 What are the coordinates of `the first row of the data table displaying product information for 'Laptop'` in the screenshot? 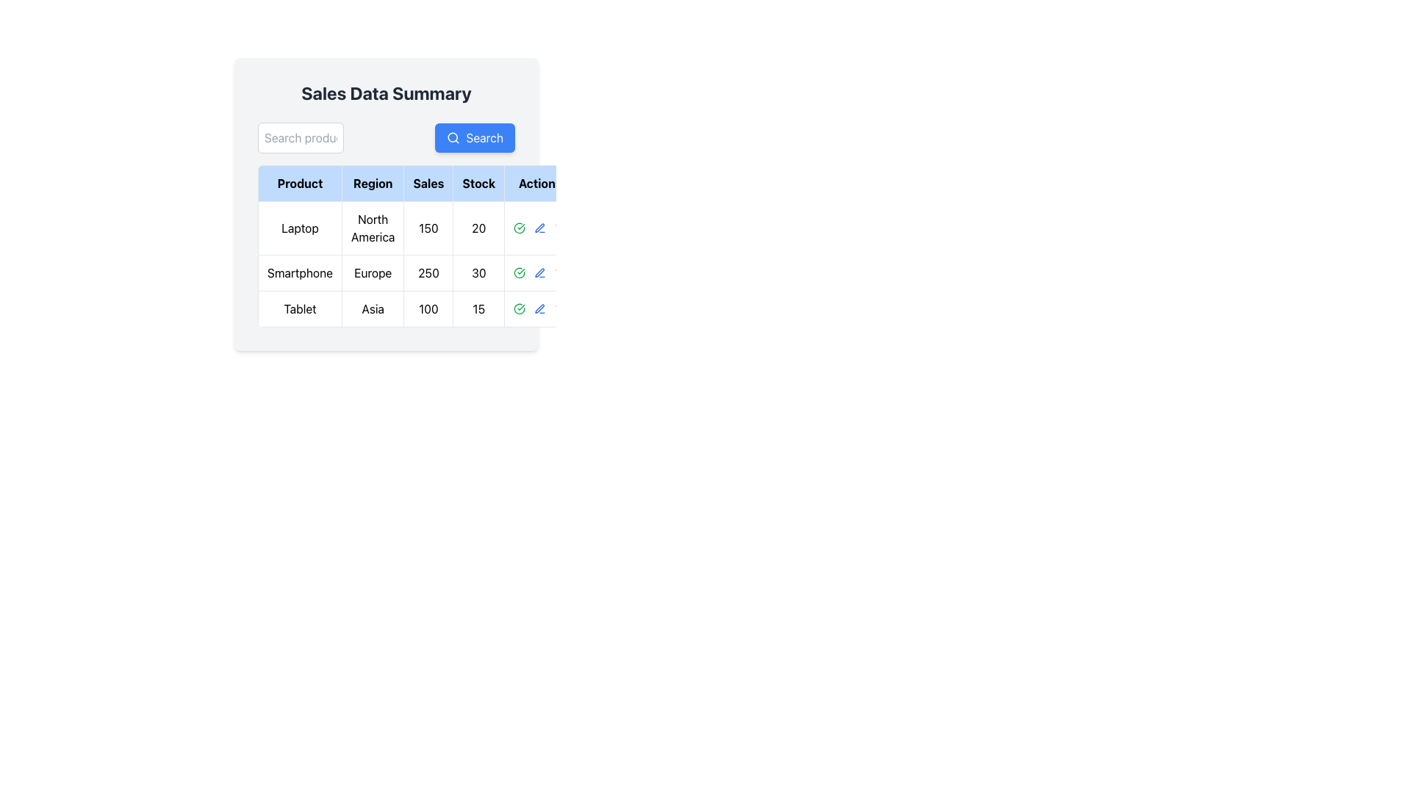 It's located at (416, 228).